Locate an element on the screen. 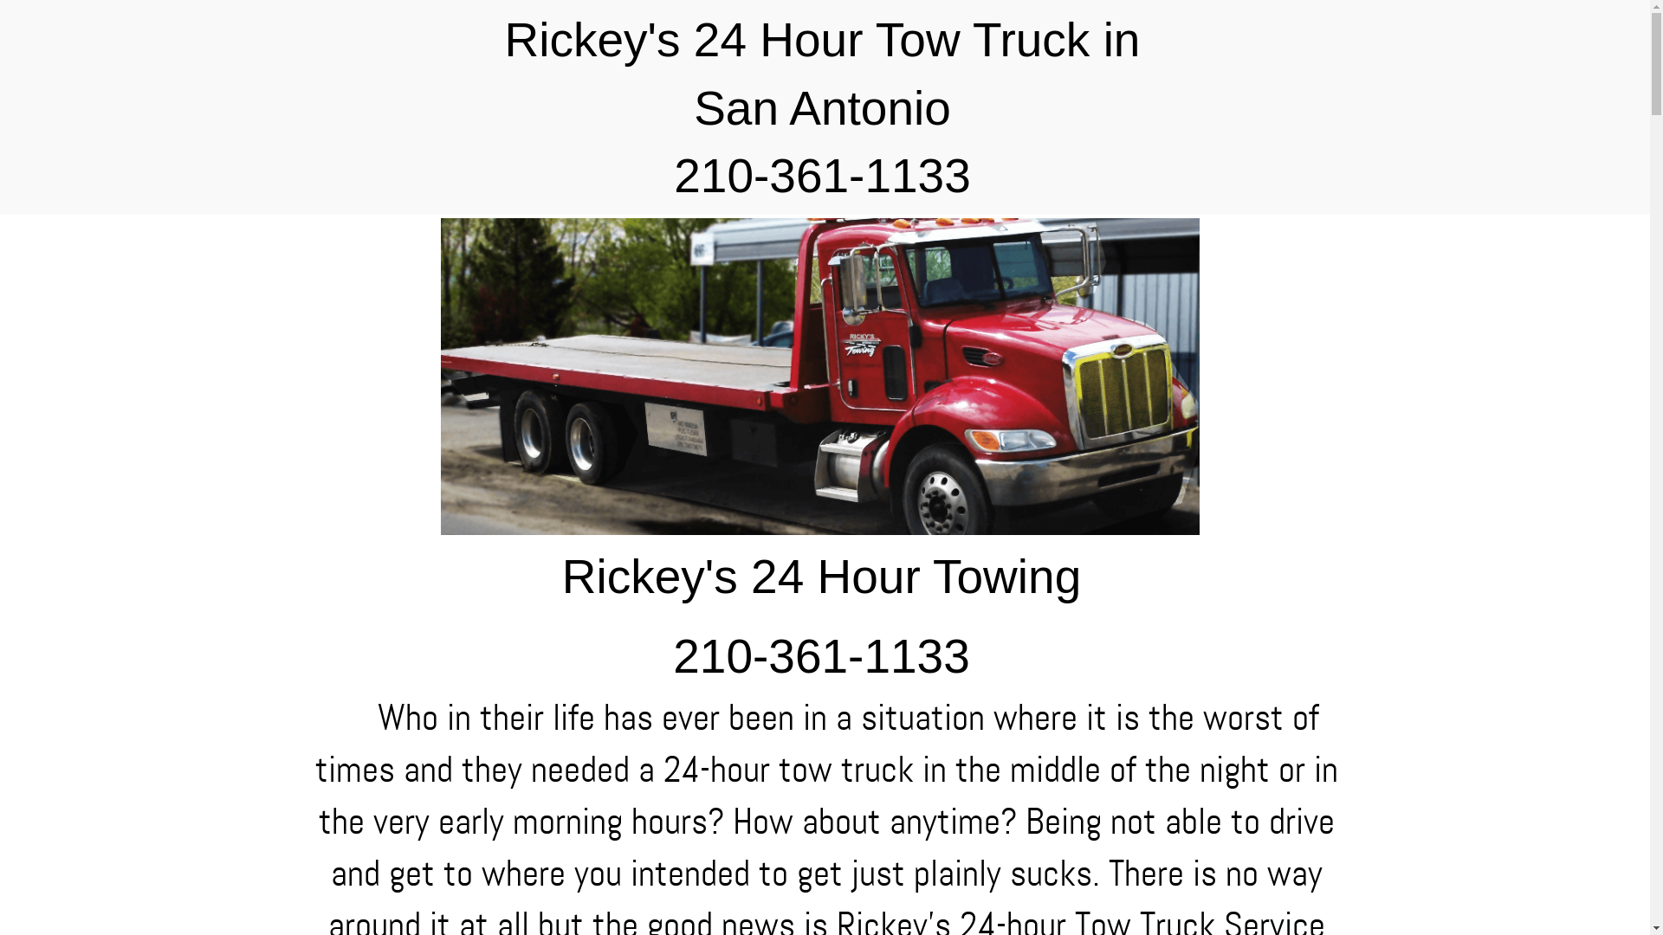 The width and height of the screenshot is (1663, 935). '210-361-1133' is located at coordinates (672, 656).